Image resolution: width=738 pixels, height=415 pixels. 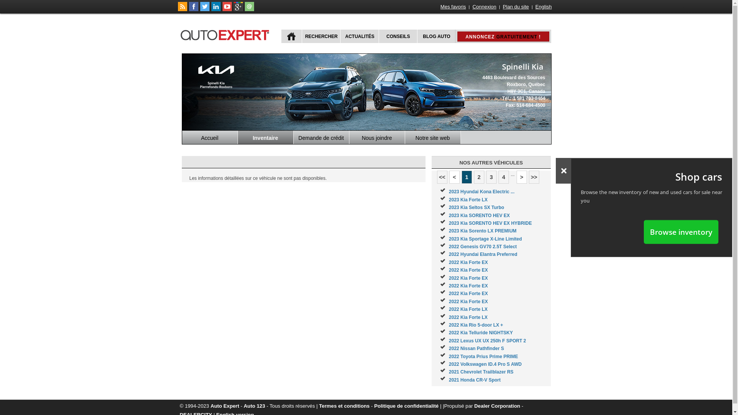 I want to click on '<', so click(x=454, y=177).